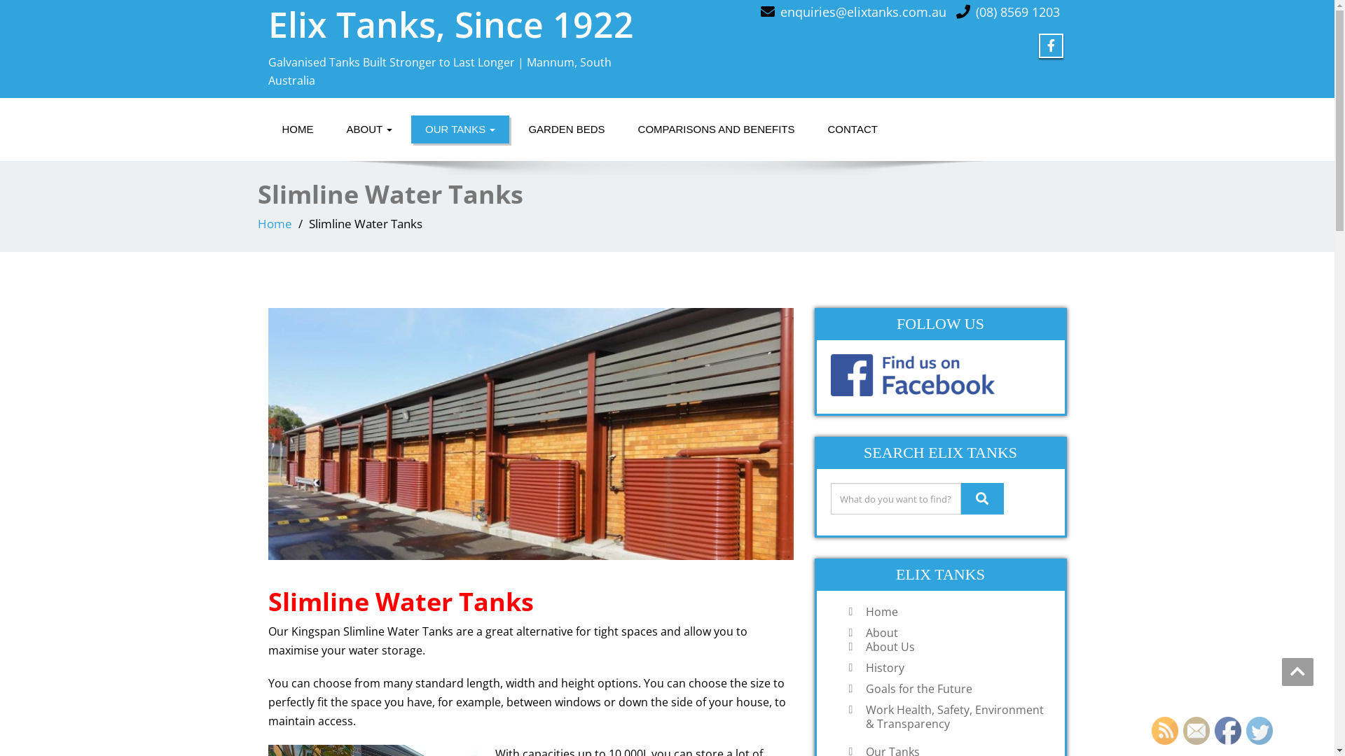 The width and height of the screenshot is (1345, 756). Describe the element at coordinates (779, 11) in the screenshot. I see `'enquiries@elixtanks.com.au'` at that location.